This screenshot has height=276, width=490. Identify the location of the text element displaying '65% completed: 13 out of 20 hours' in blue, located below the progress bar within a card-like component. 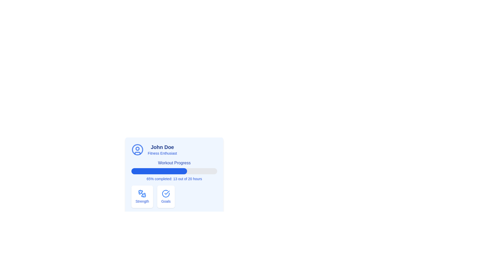
(174, 178).